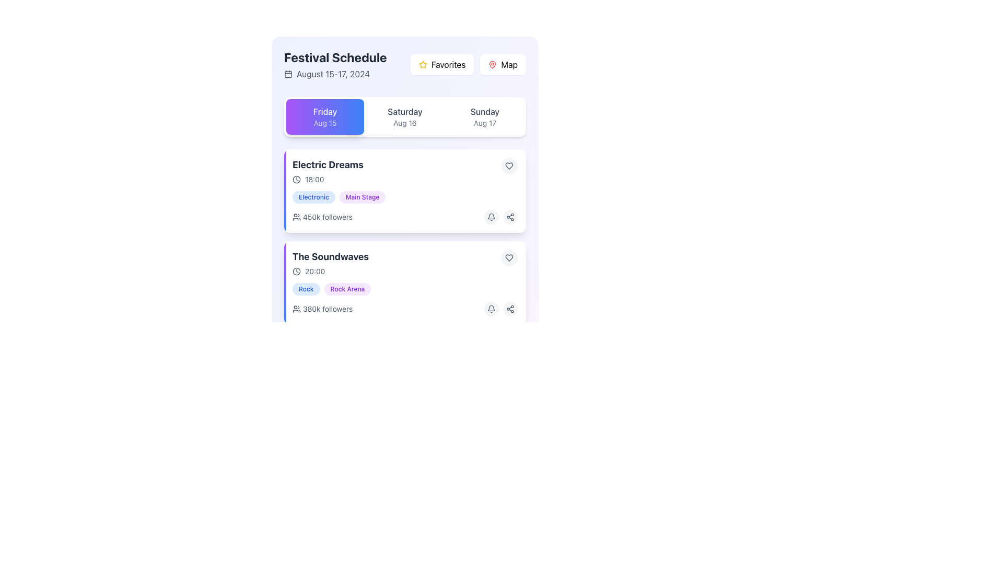 This screenshot has height=564, width=1003. I want to click on the date option button for Sunday, August 17, 2024, located at the top-right of the 'Festival Schedule' interface, so click(484, 116).